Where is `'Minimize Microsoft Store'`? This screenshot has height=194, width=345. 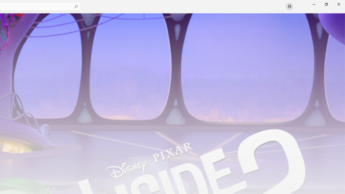
'Minimize Microsoft Store' is located at coordinates (314, 4).